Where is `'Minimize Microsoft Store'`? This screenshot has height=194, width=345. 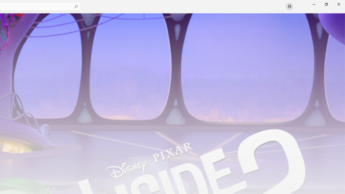
'Minimize Microsoft Store' is located at coordinates (314, 4).